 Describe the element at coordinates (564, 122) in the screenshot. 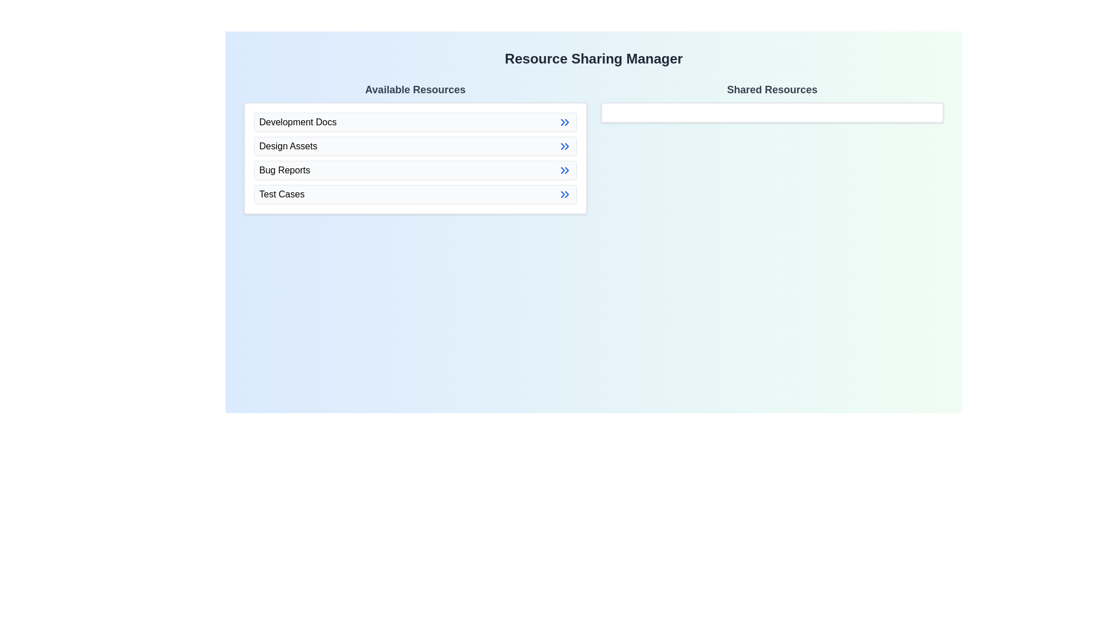

I see `transfer button next to the resource Development Docs to move it to 'Shared Resources'` at that location.